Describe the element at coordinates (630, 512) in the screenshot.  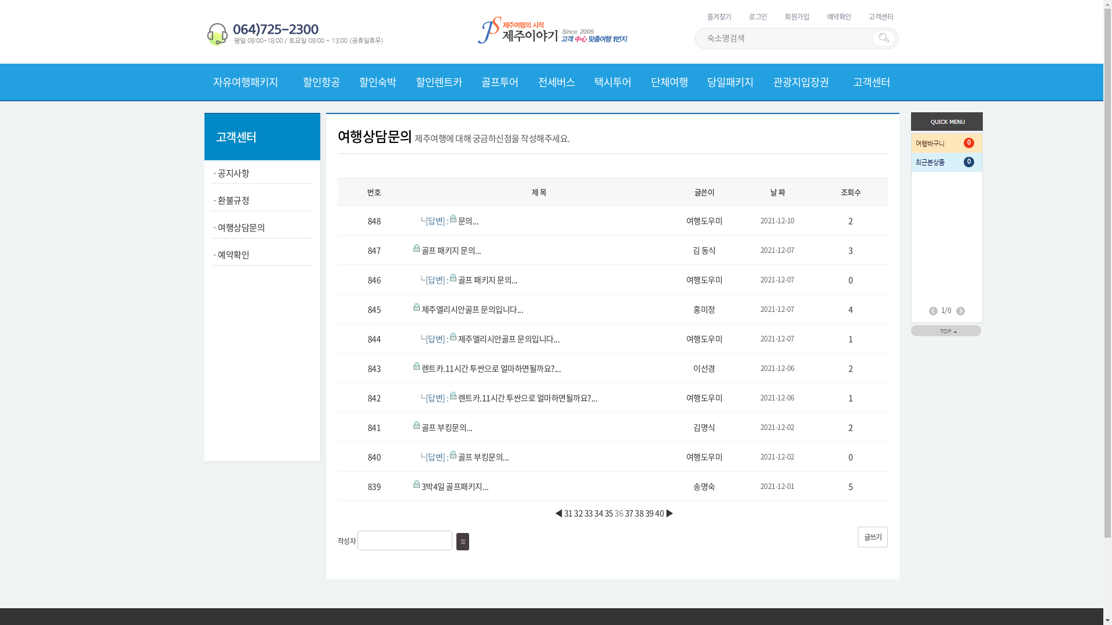
I see `'37'` at that location.